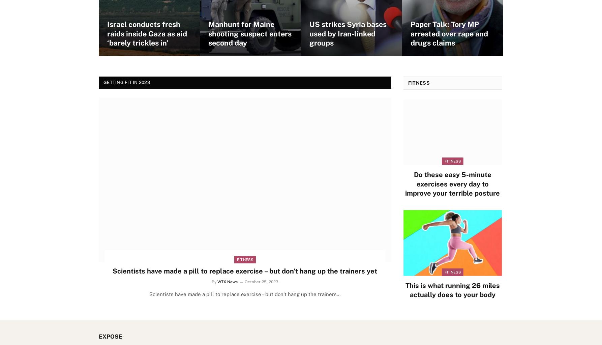 Image resolution: width=602 pixels, height=345 pixels. What do you see at coordinates (126, 82) in the screenshot?
I see `'Getting fit in 2023'` at bounding box center [126, 82].